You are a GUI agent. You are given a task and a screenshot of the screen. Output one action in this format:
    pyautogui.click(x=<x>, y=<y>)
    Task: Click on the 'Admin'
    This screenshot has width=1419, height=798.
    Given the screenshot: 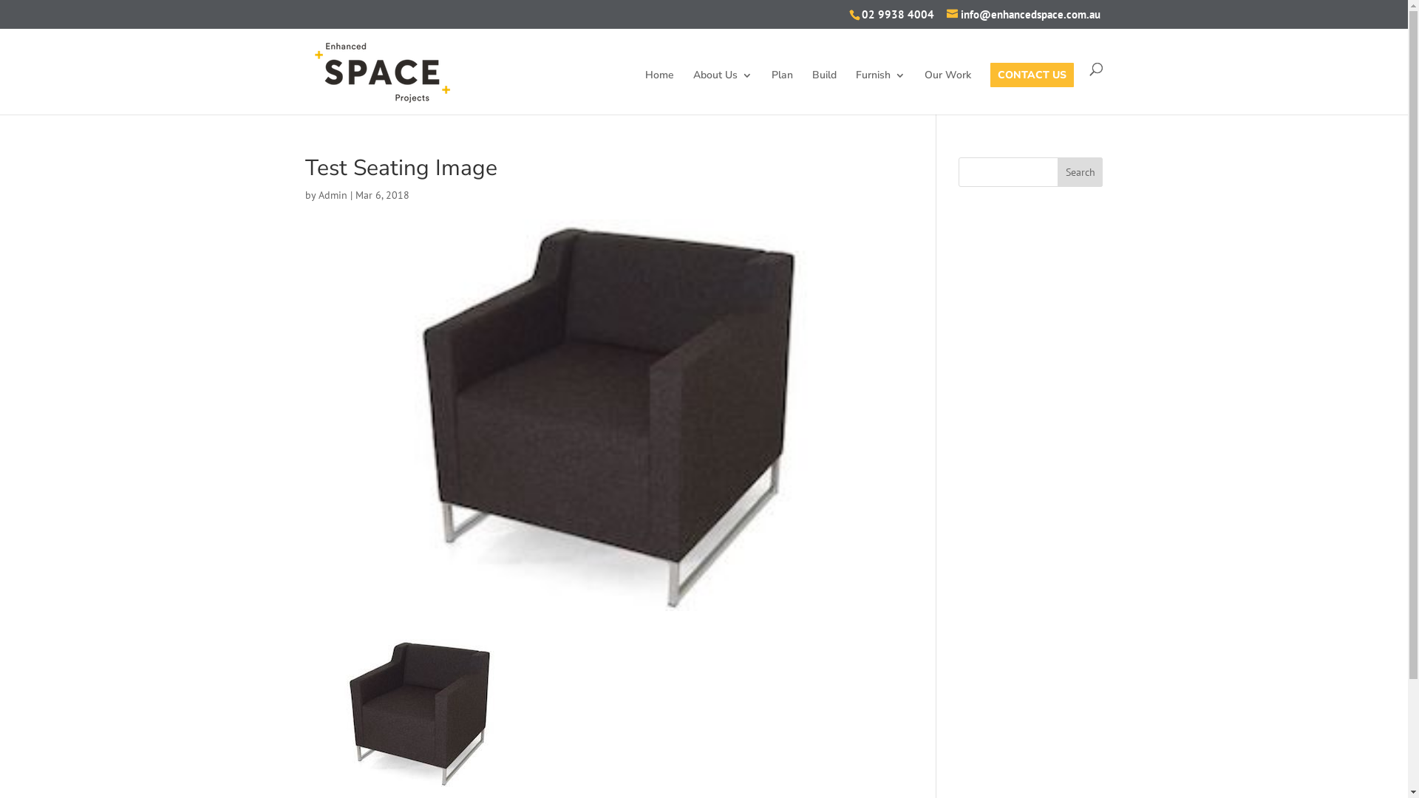 What is the action you would take?
    pyautogui.click(x=331, y=193)
    